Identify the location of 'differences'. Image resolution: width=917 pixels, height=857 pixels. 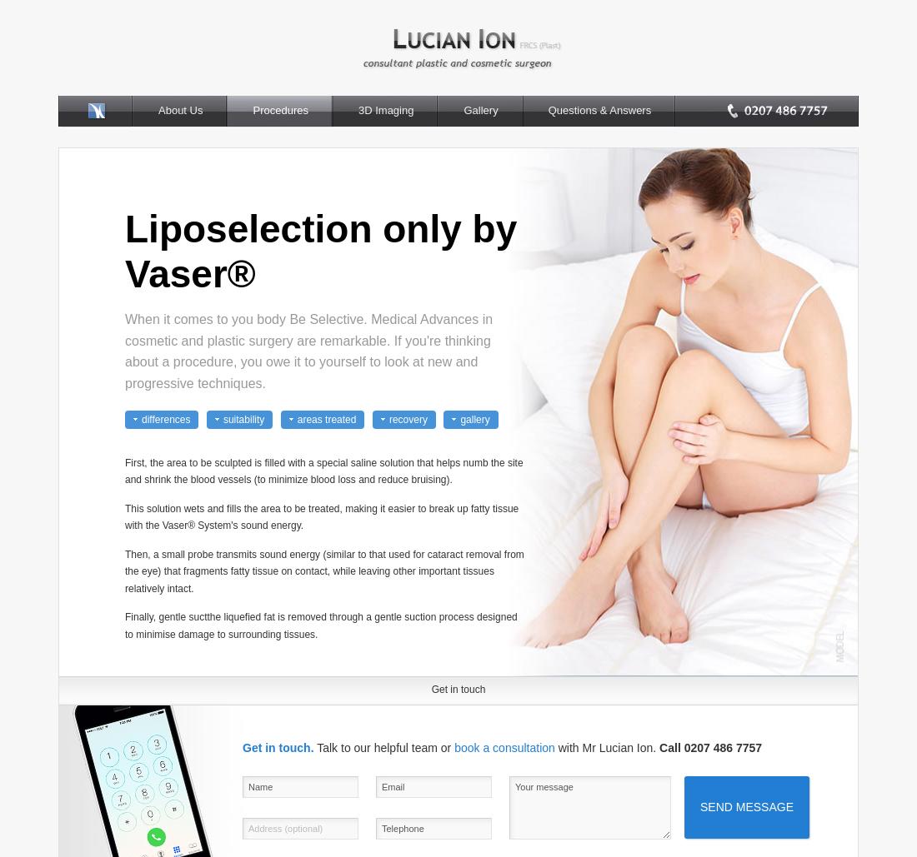
(140, 418).